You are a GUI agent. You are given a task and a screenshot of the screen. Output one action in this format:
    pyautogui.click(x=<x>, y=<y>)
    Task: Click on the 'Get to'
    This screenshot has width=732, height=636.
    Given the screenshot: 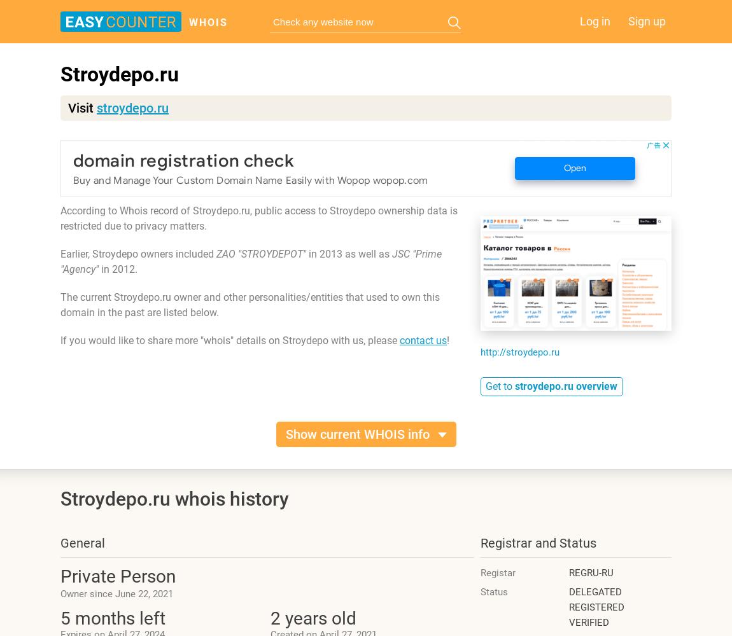 What is the action you would take?
    pyautogui.click(x=485, y=385)
    